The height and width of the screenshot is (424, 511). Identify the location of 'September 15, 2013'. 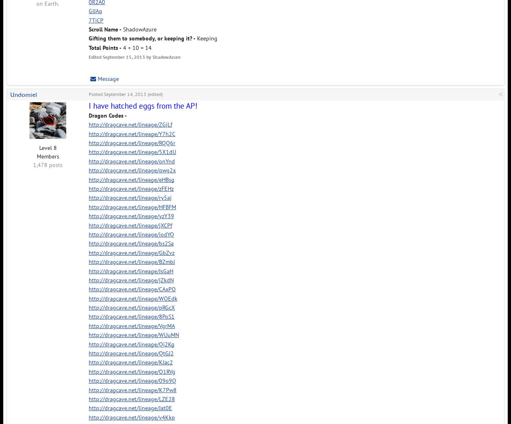
(124, 56).